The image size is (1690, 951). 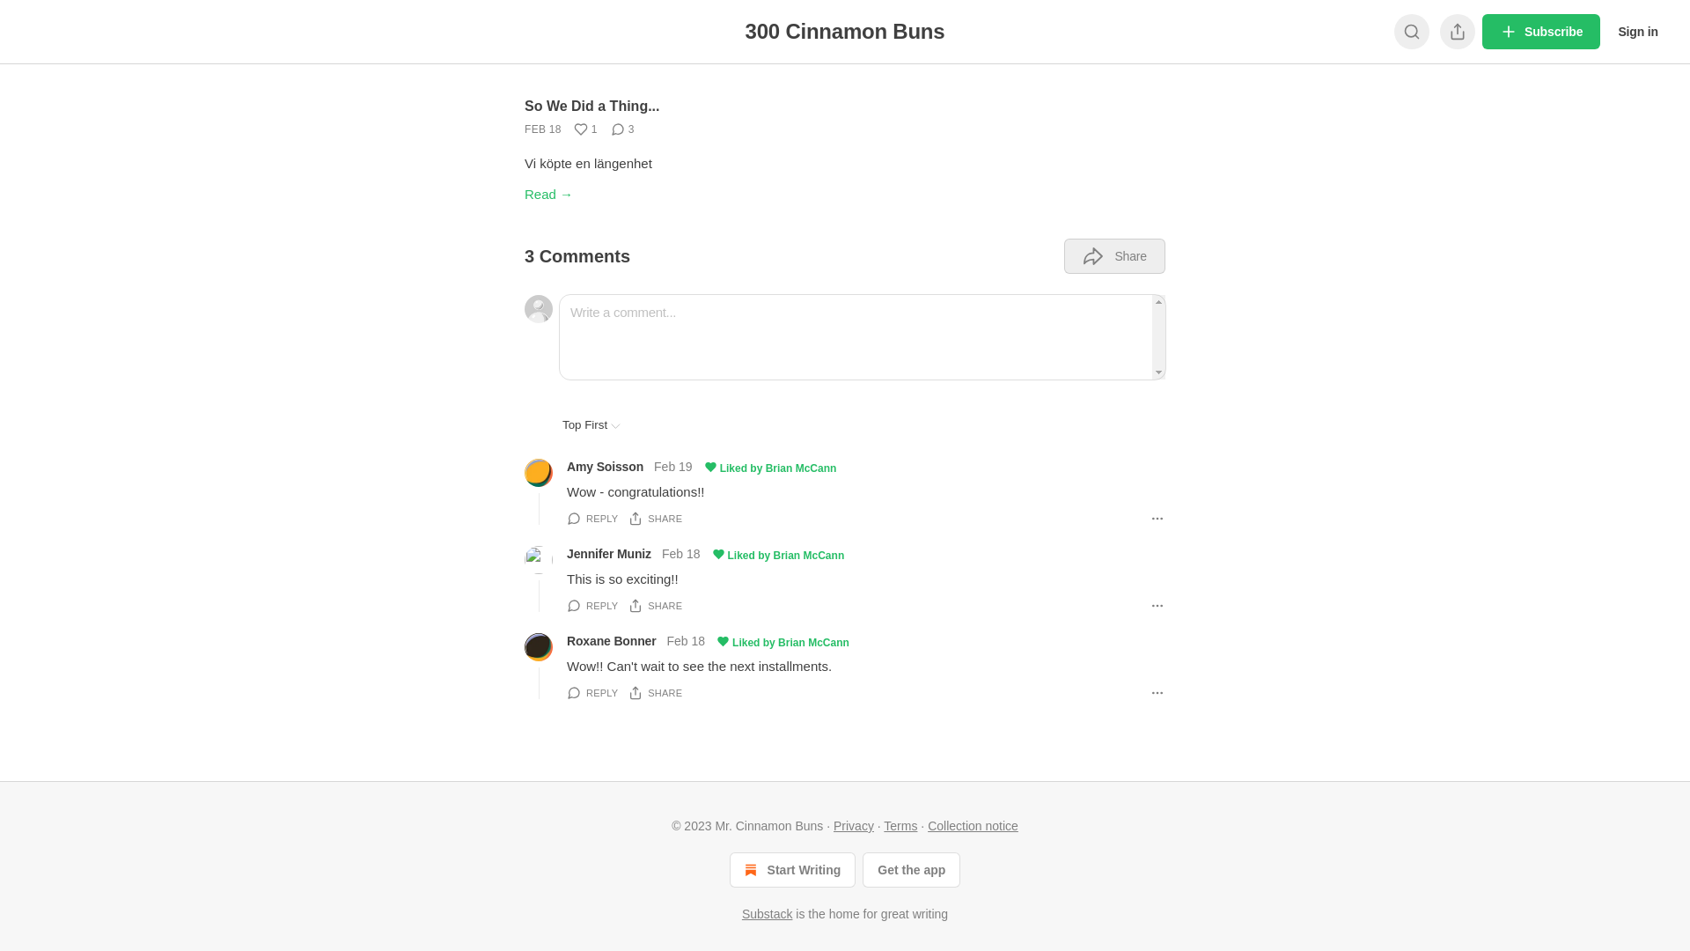 I want to click on '3', so click(x=622, y=128).